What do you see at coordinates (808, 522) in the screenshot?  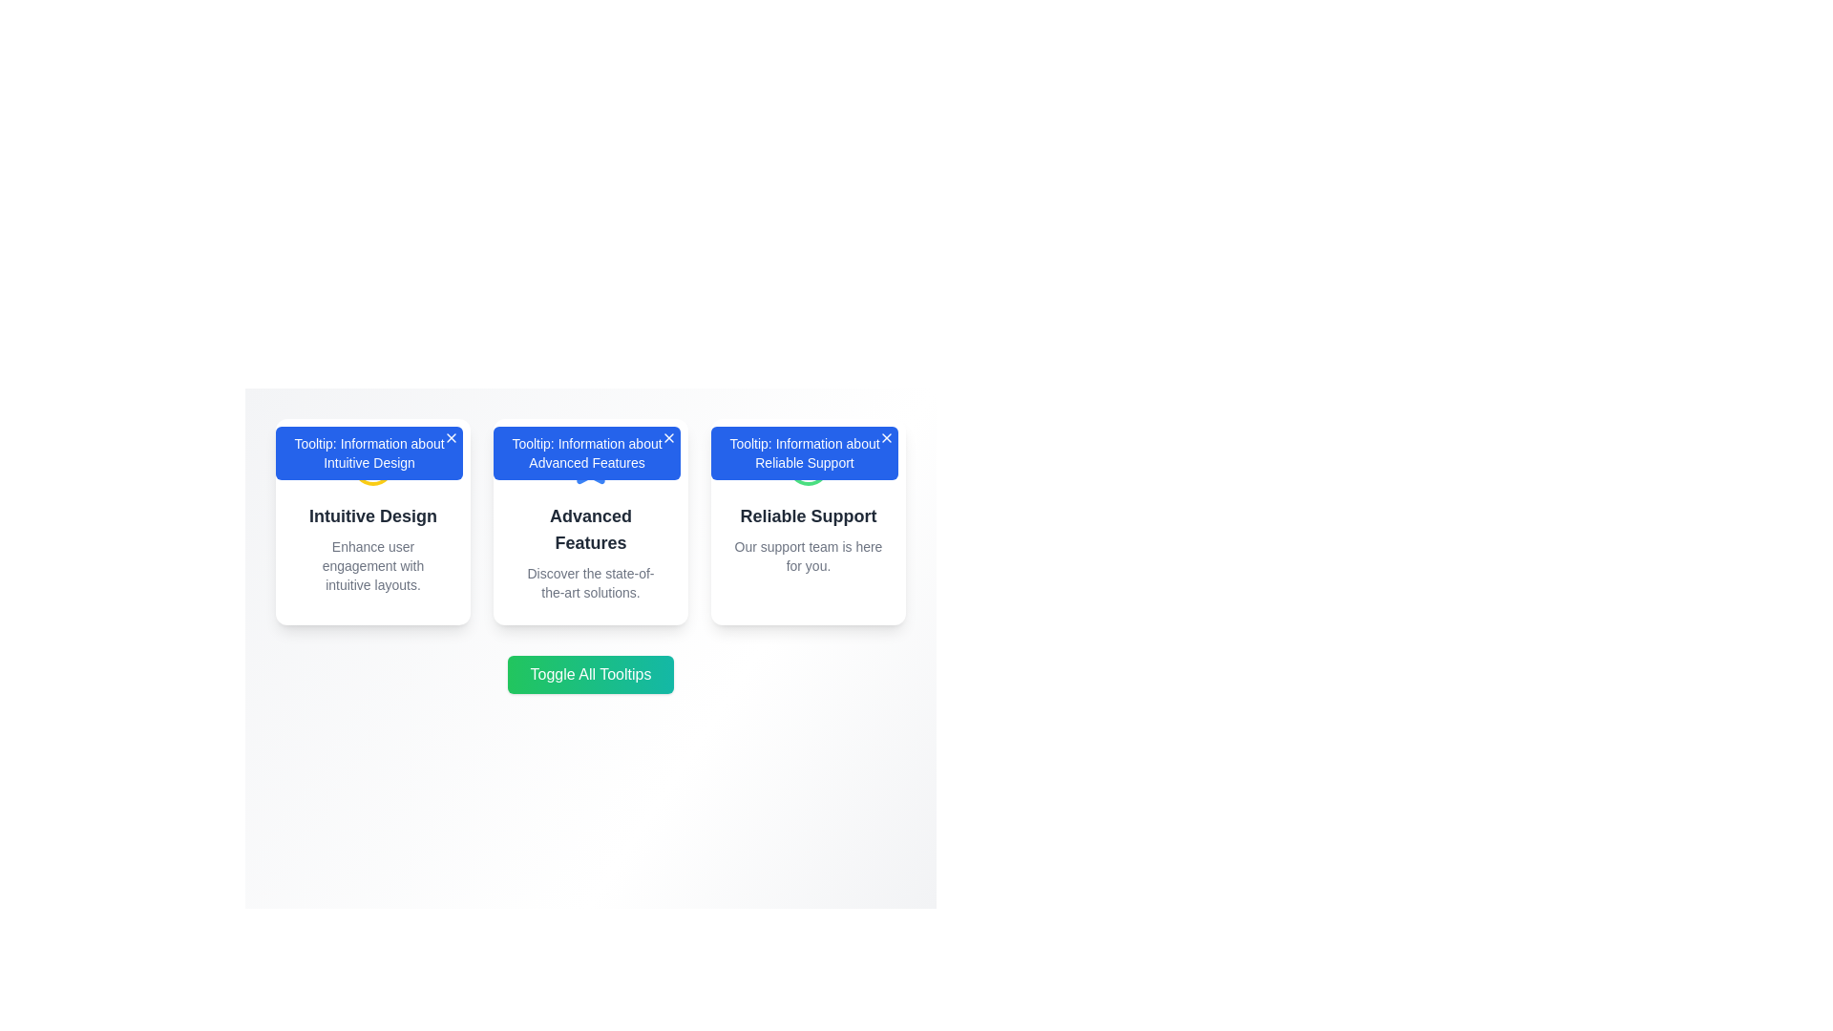 I see `main content of the Informational card indicating reliable support, which is the third card in a three-column grid layout` at bounding box center [808, 522].